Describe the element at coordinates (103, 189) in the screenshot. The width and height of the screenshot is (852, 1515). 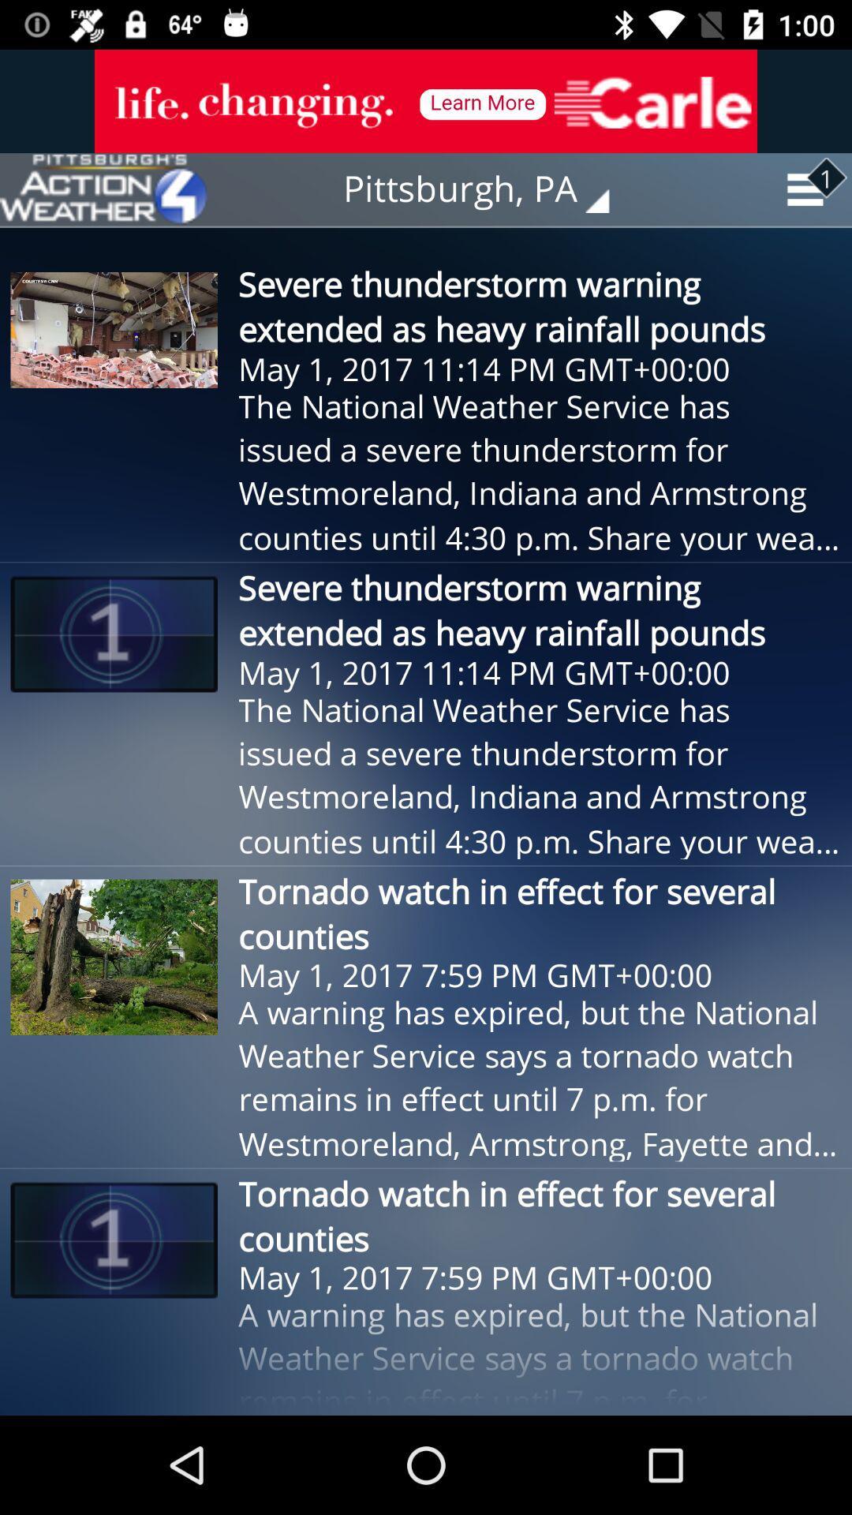
I see `the item to the left of pittsburgh, pa icon` at that location.